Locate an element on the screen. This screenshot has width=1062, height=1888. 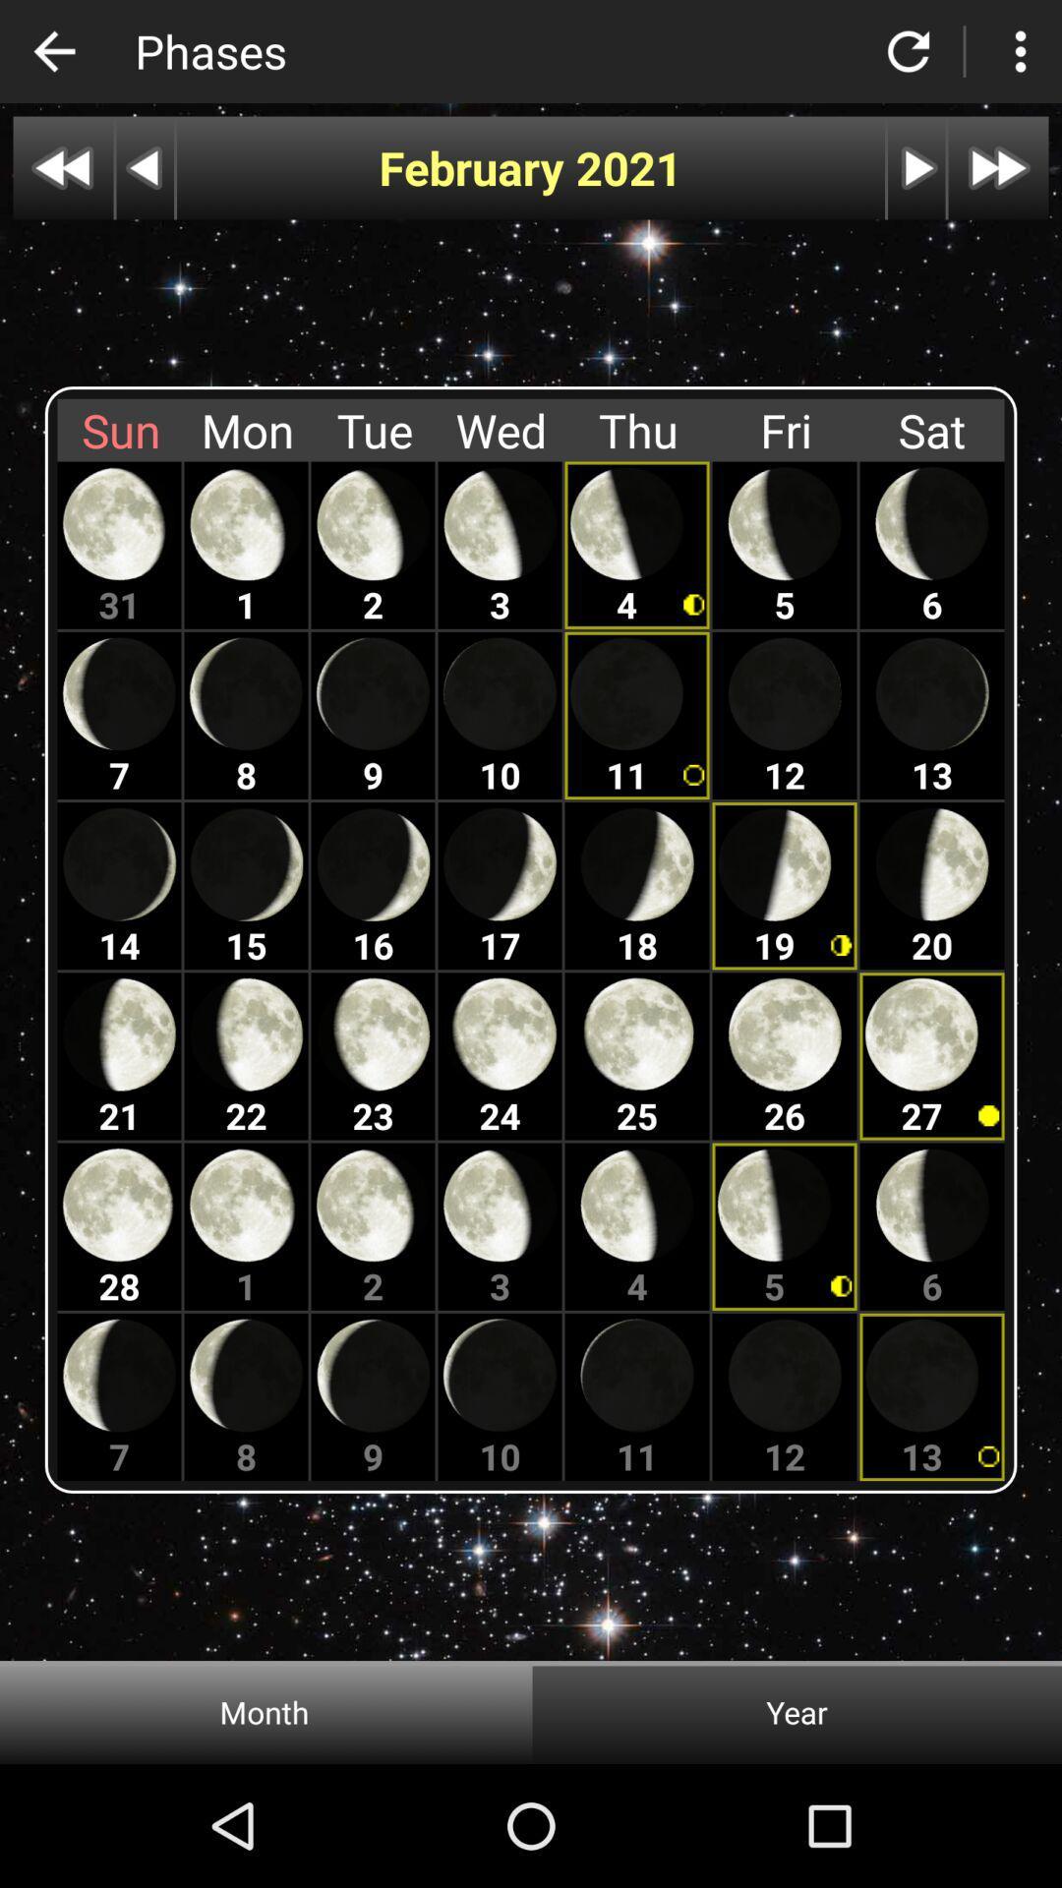
options available is located at coordinates (1019, 51).